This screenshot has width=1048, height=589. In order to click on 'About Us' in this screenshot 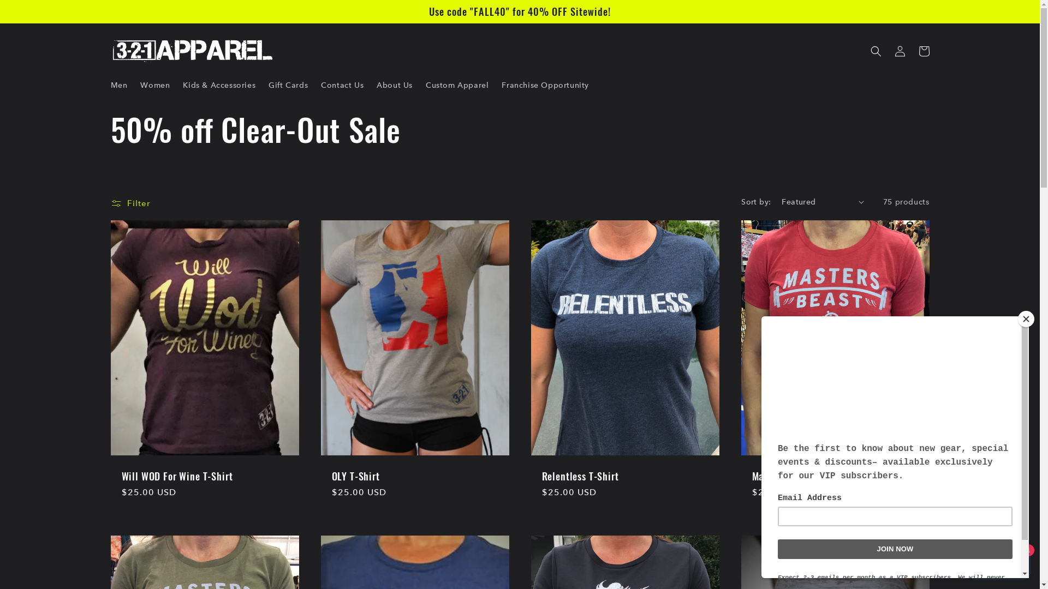, I will do `click(394, 84)`.